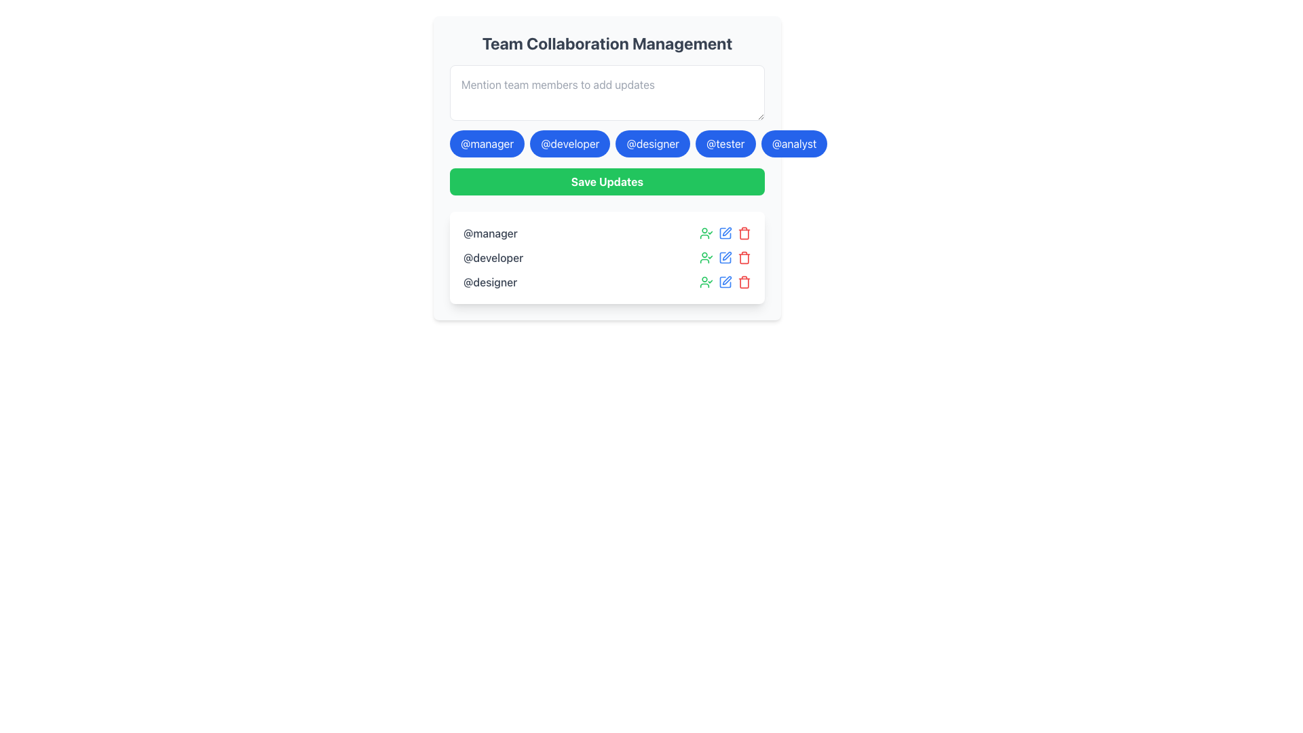 Image resolution: width=1303 pixels, height=733 pixels. Describe the element at coordinates (744, 232) in the screenshot. I see `the red trash bin icon button located in the lower-right corner of the action icon group for the row labeled '@designer'` at that location.